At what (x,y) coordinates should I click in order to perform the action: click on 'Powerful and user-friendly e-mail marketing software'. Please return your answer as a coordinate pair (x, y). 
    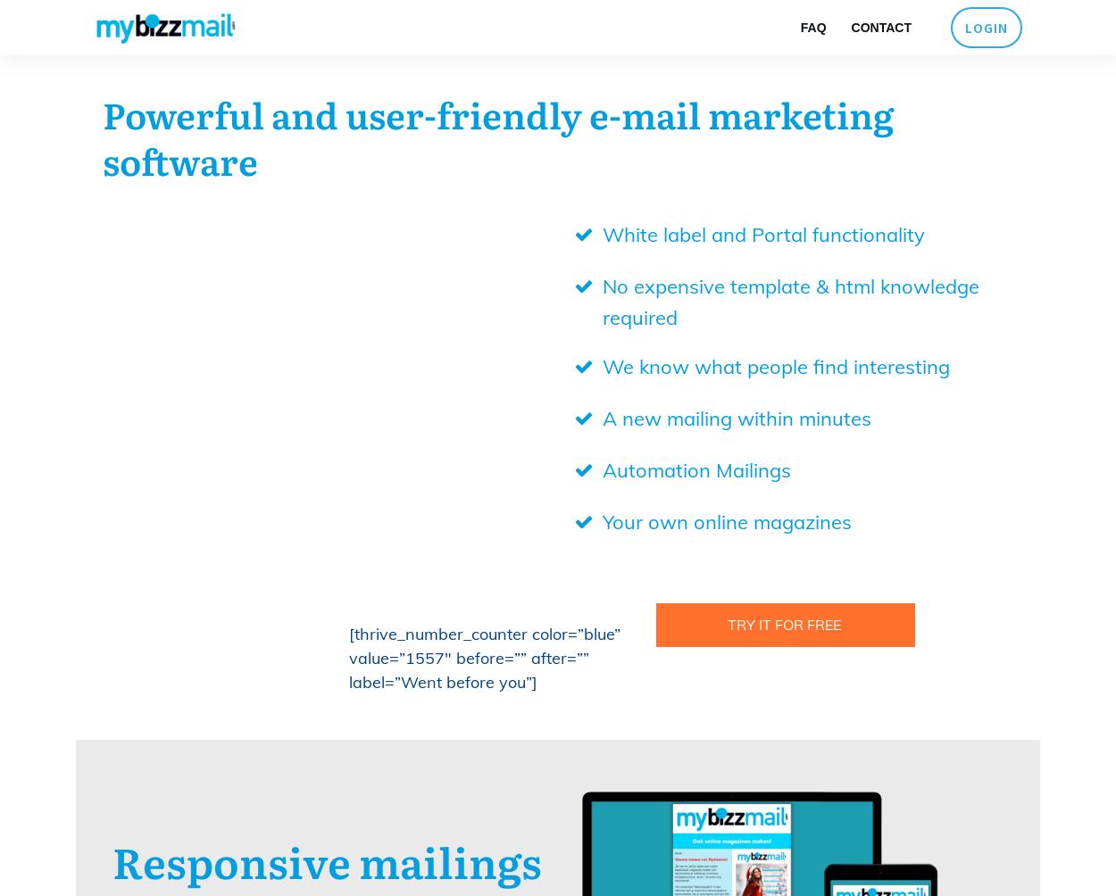
    Looking at the image, I should click on (102, 136).